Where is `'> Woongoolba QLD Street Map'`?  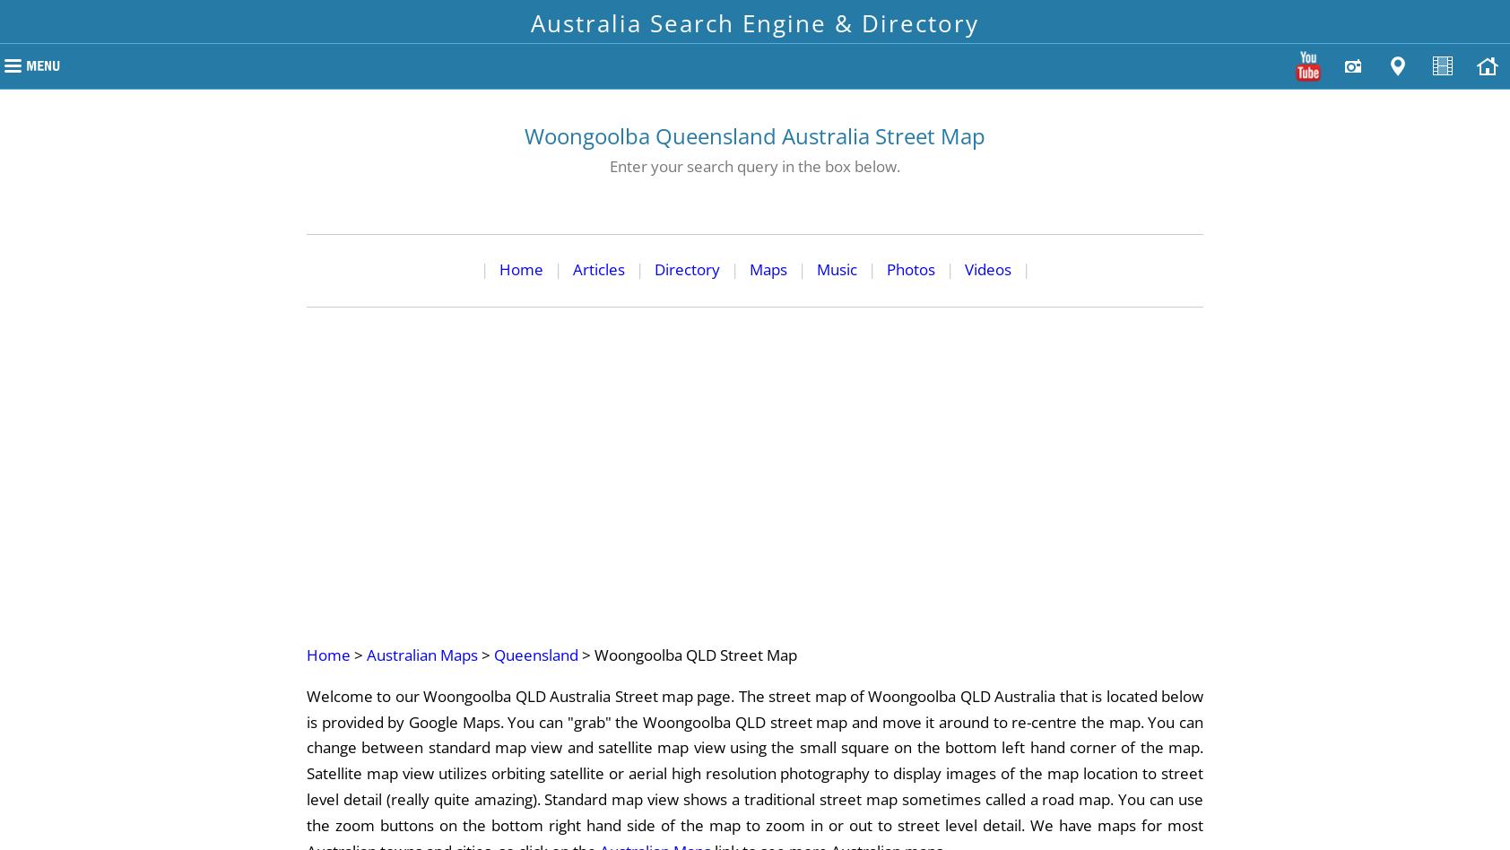
'> Woongoolba QLD Street Map' is located at coordinates (688, 654).